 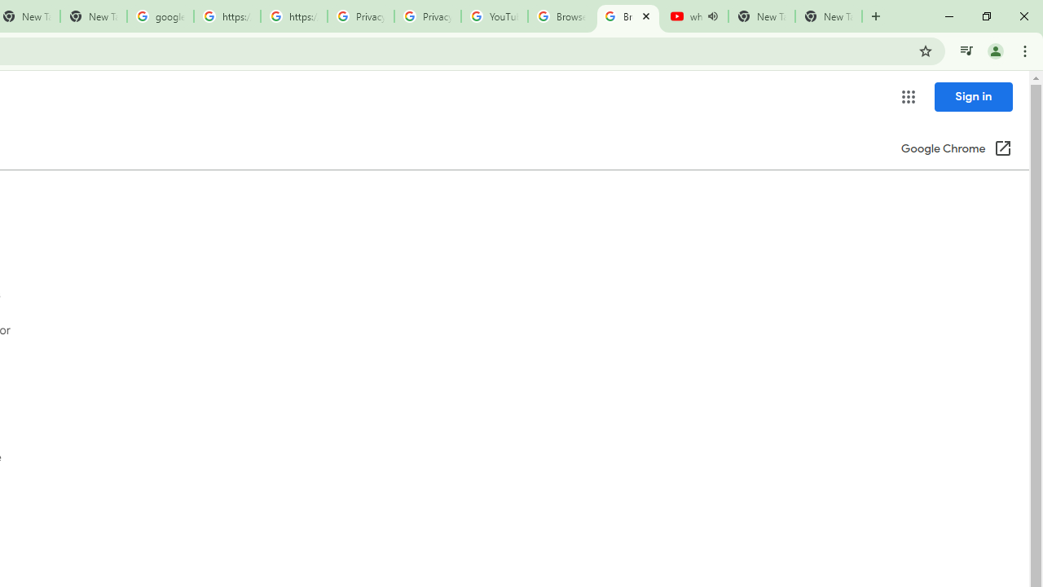 What do you see at coordinates (561, 16) in the screenshot?
I see `'Browse Chrome as a guest - Computer - Google Chrome Help'` at bounding box center [561, 16].